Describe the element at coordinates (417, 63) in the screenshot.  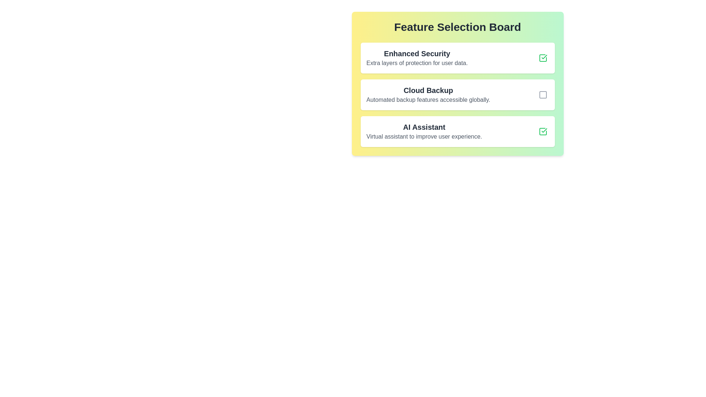
I see `text segment that states 'Extra layers of protection for user data.' which is styled in gray and located below the 'Enhanced Security' heading in the Feature Selection Board` at that location.